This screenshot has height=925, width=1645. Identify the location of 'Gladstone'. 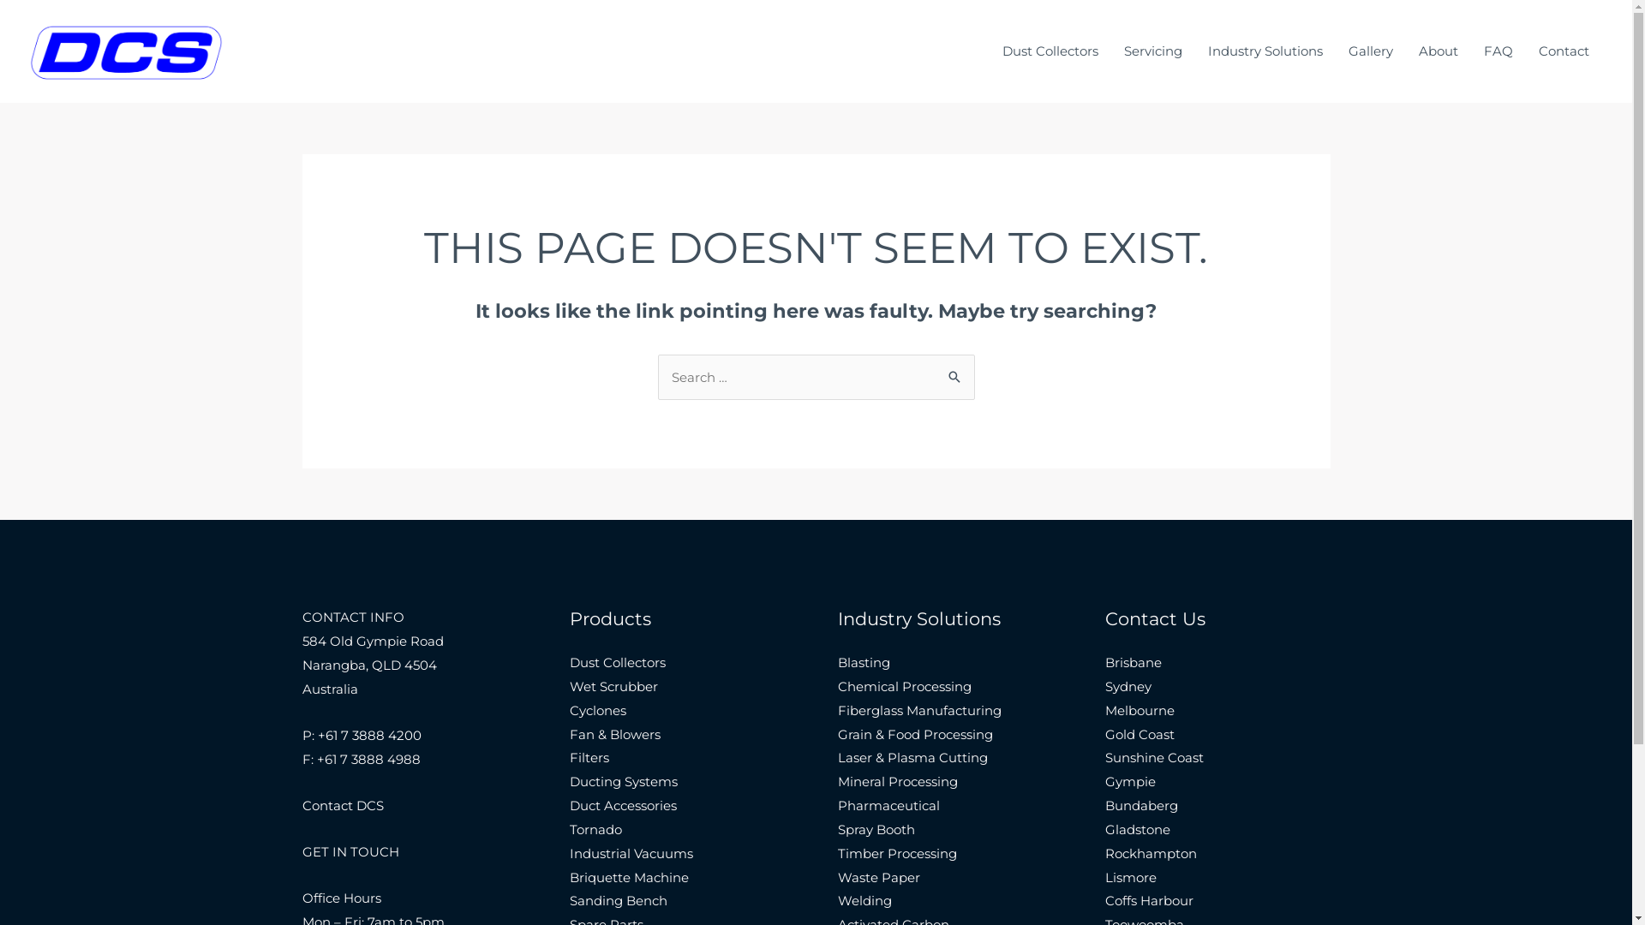
(1138, 828).